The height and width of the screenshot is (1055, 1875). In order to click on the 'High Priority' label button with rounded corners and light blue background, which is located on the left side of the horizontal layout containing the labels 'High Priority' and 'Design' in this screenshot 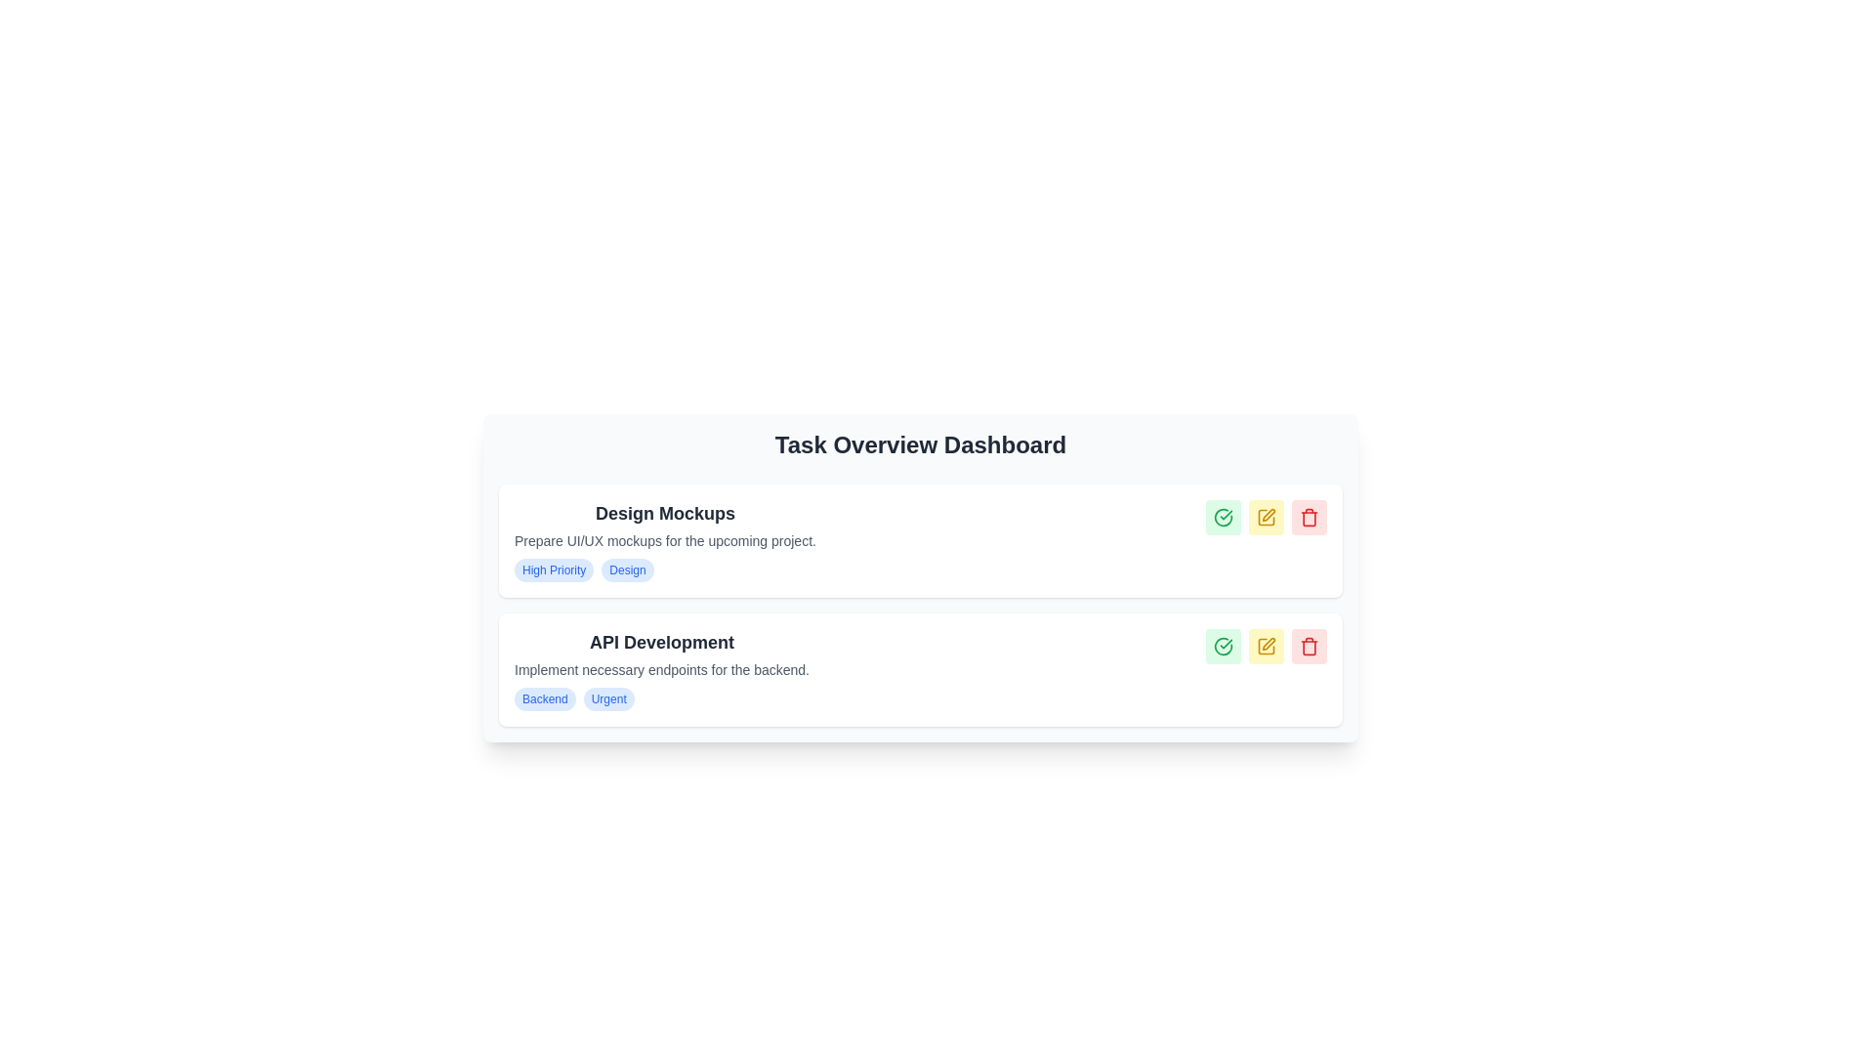, I will do `click(553, 570)`.